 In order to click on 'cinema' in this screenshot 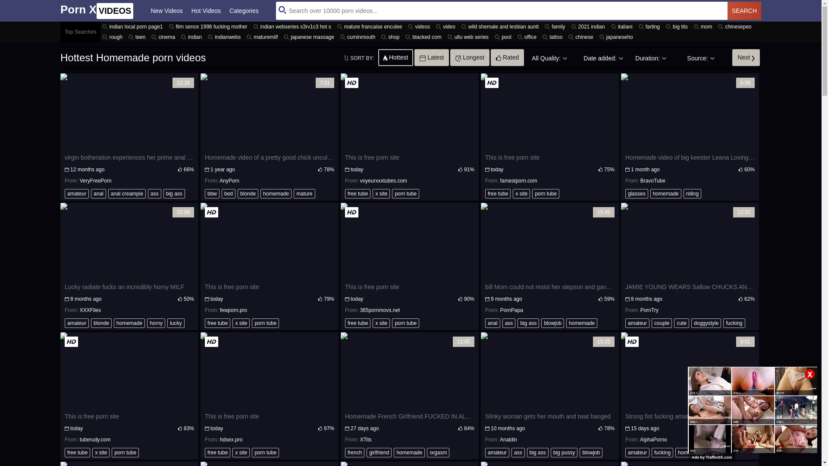, I will do `click(164, 36)`.